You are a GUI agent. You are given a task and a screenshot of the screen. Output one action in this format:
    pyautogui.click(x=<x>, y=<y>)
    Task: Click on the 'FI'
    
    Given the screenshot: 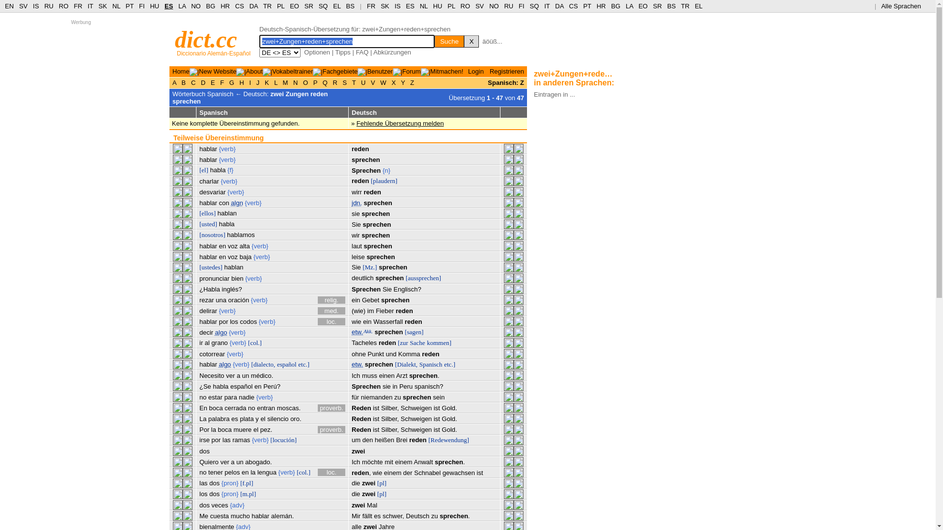 What is the action you would take?
    pyautogui.click(x=518, y=6)
    